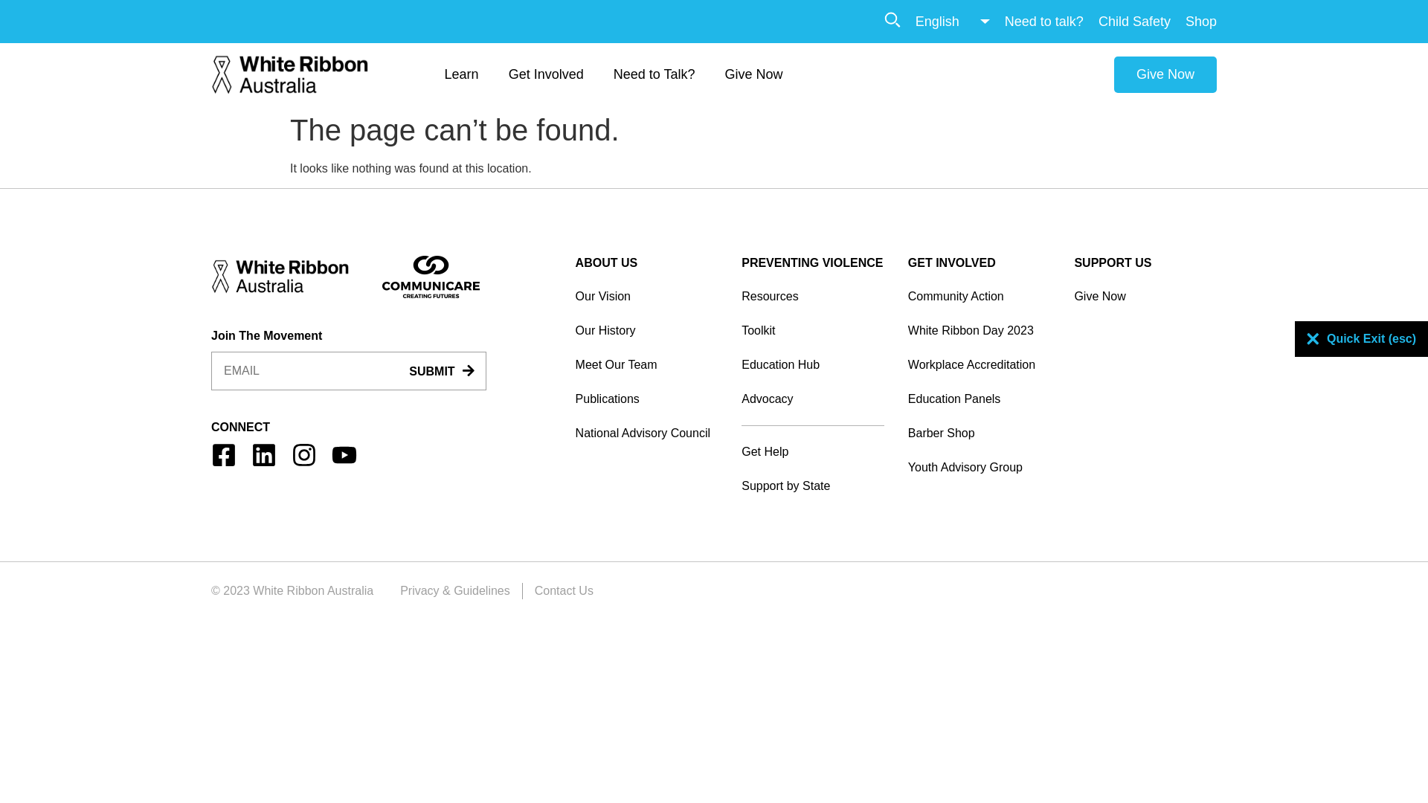 The height and width of the screenshot is (803, 1428). Describe the element at coordinates (742, 262) in the screenshot. I see `'PREVENTING VIOLENCE'` at that location.